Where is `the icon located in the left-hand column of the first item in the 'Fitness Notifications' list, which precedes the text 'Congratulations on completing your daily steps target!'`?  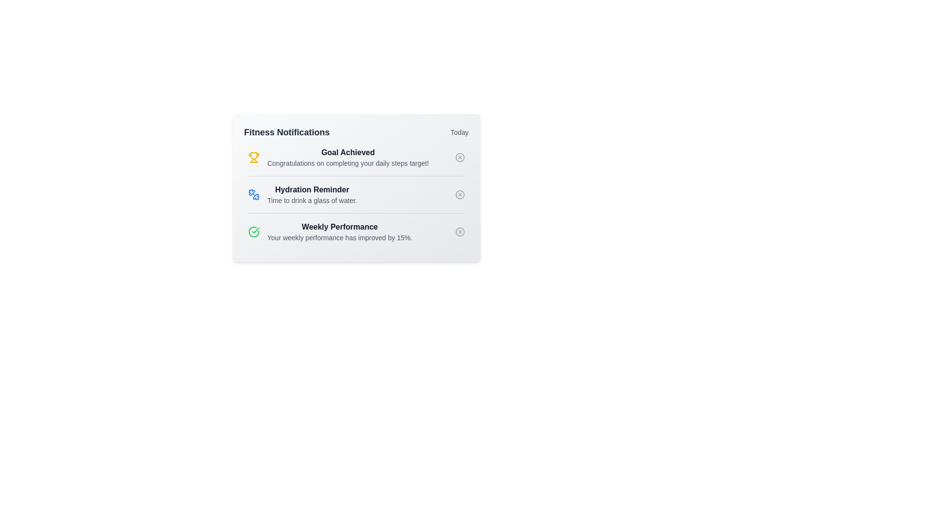 the icon located in the left-hand column of the first item in the 'Fitness Notifications' list, which precedes the text 'Congratulations on completing your daily steps target!' is located at coordinates (254, 155).